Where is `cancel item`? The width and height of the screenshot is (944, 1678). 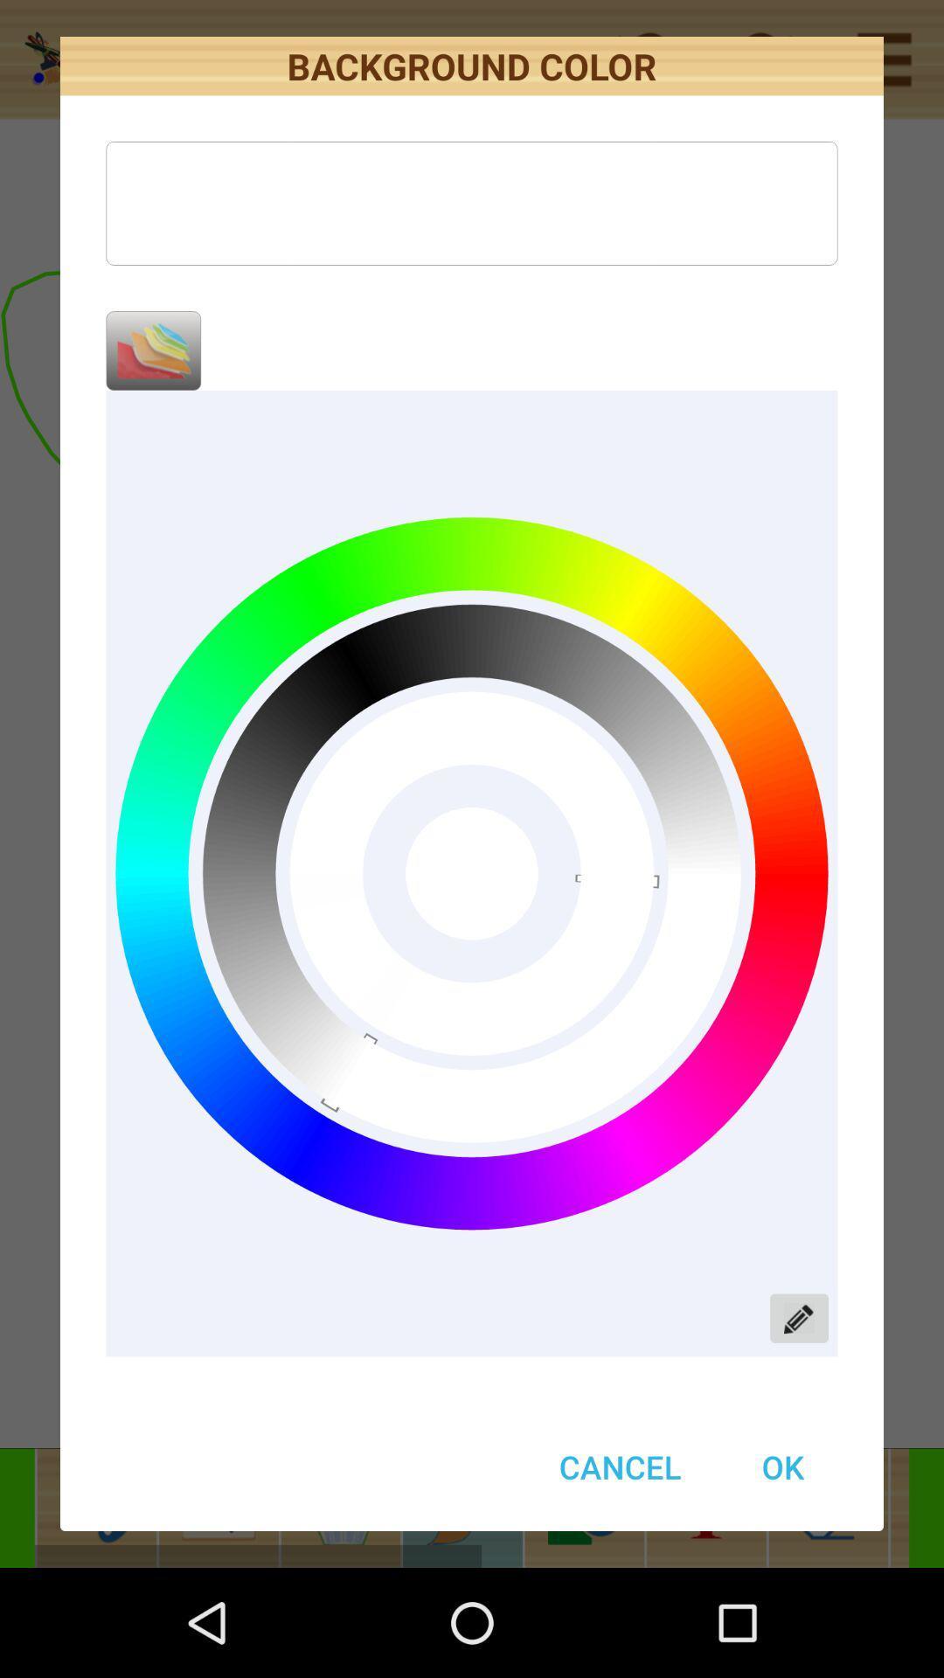
cancel item is located at coordinates (619, 1467).